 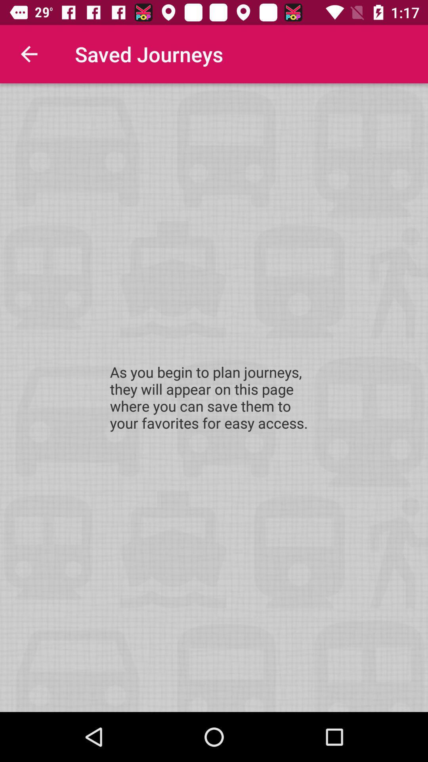 What do you see at coordinates (29, 54) in the screenshot?
I see `item to the left of saved journeys icon` at bounding box center [29, 54].